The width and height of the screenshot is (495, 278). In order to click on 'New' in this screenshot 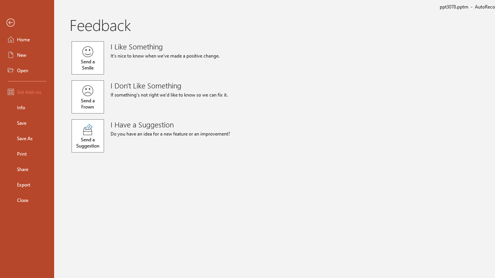, I will do `click(27, 54)`.